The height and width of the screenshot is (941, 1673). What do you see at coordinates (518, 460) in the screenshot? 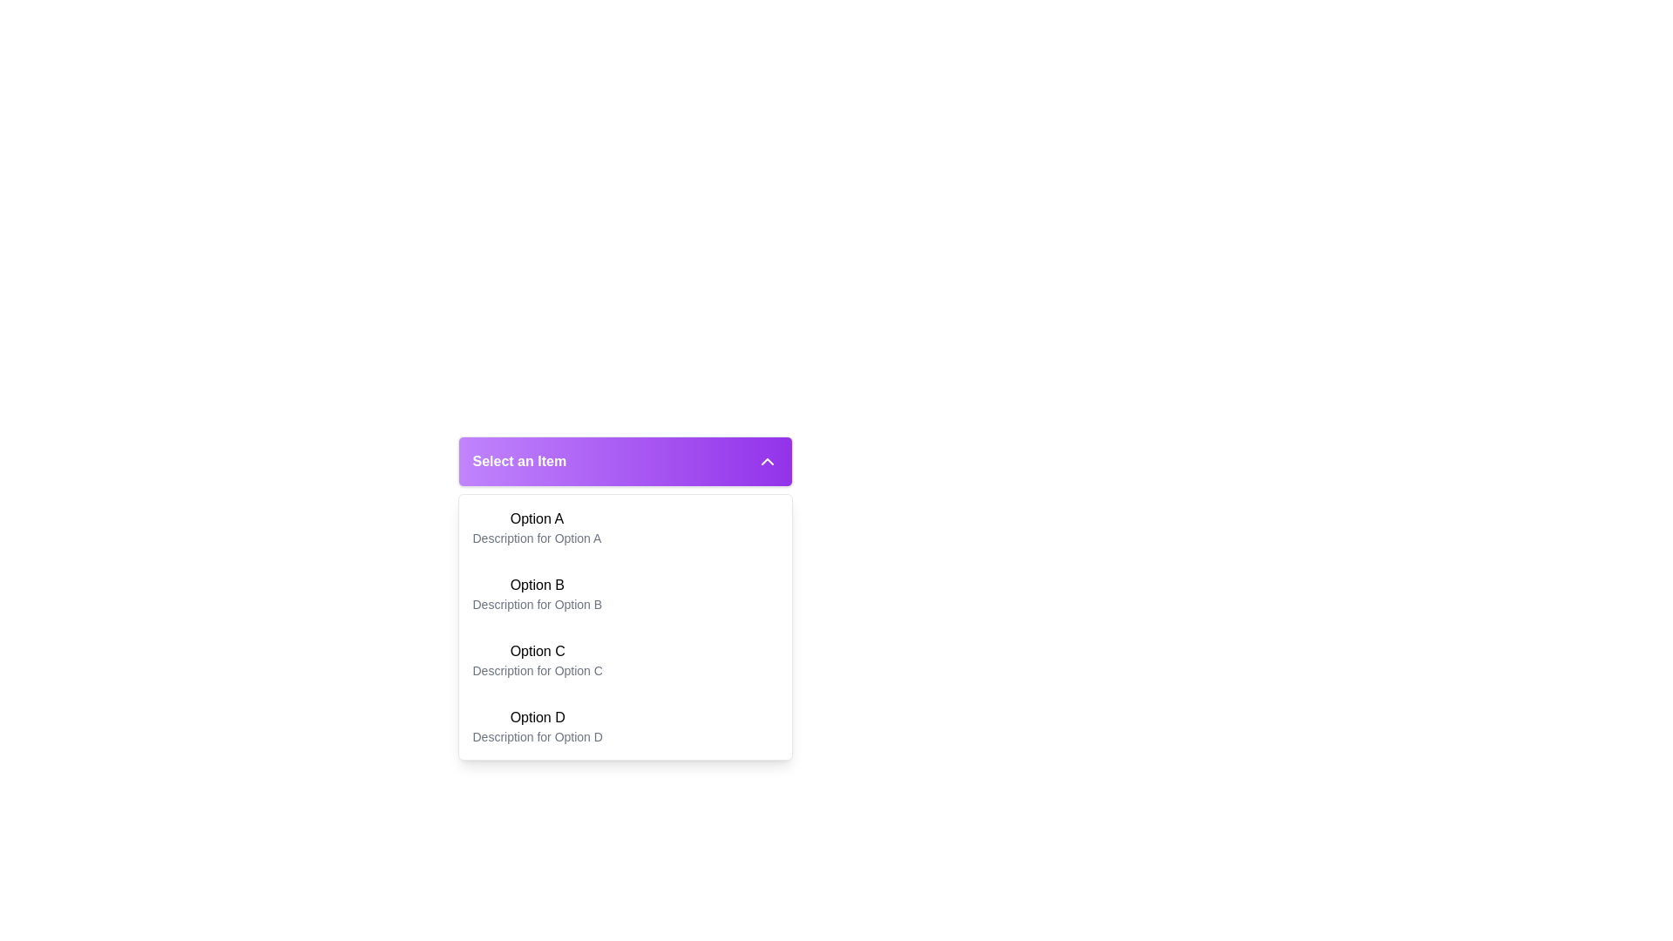
I see `the dropdown header label` at bounding box center [518, 460].